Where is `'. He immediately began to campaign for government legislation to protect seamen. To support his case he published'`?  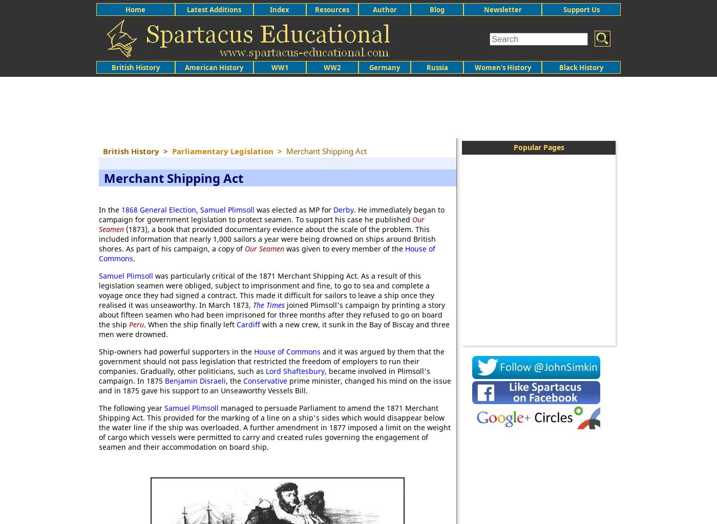
'. He immediately began to campaign for government legislation to protect seamen. To support his case he published' is located at coordinates (98, 215).